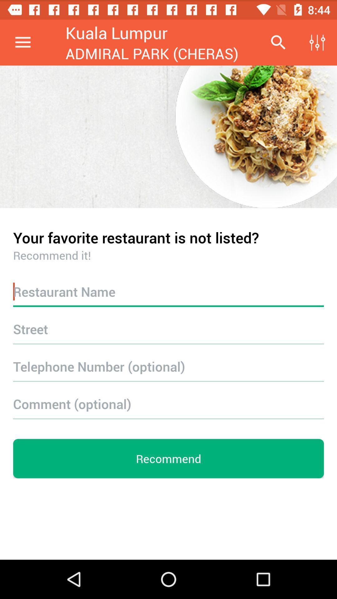  Describe the element at coordinates (168, 291) in the screenshot. I see `name` at that location.